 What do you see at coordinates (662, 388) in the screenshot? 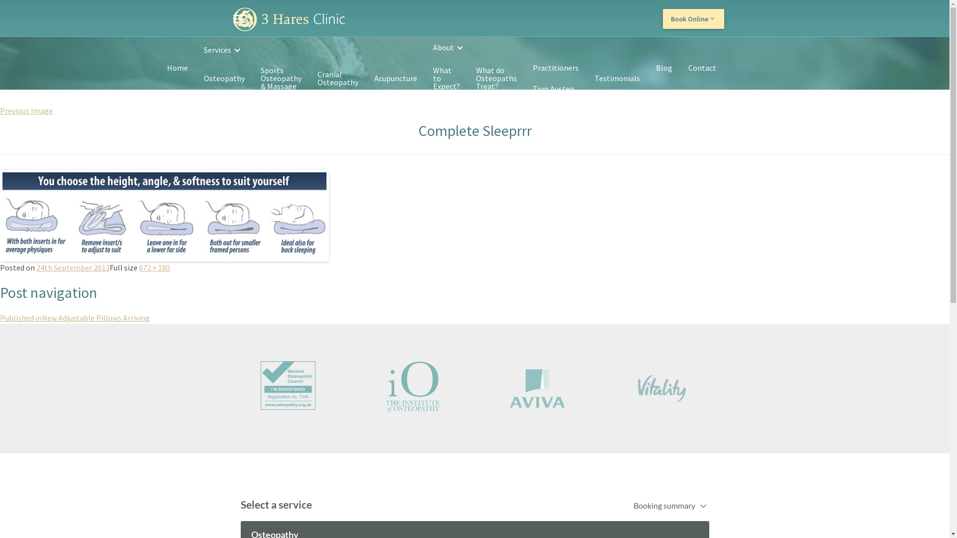
I see `'Vitality'` at bounding box center [662, 388].